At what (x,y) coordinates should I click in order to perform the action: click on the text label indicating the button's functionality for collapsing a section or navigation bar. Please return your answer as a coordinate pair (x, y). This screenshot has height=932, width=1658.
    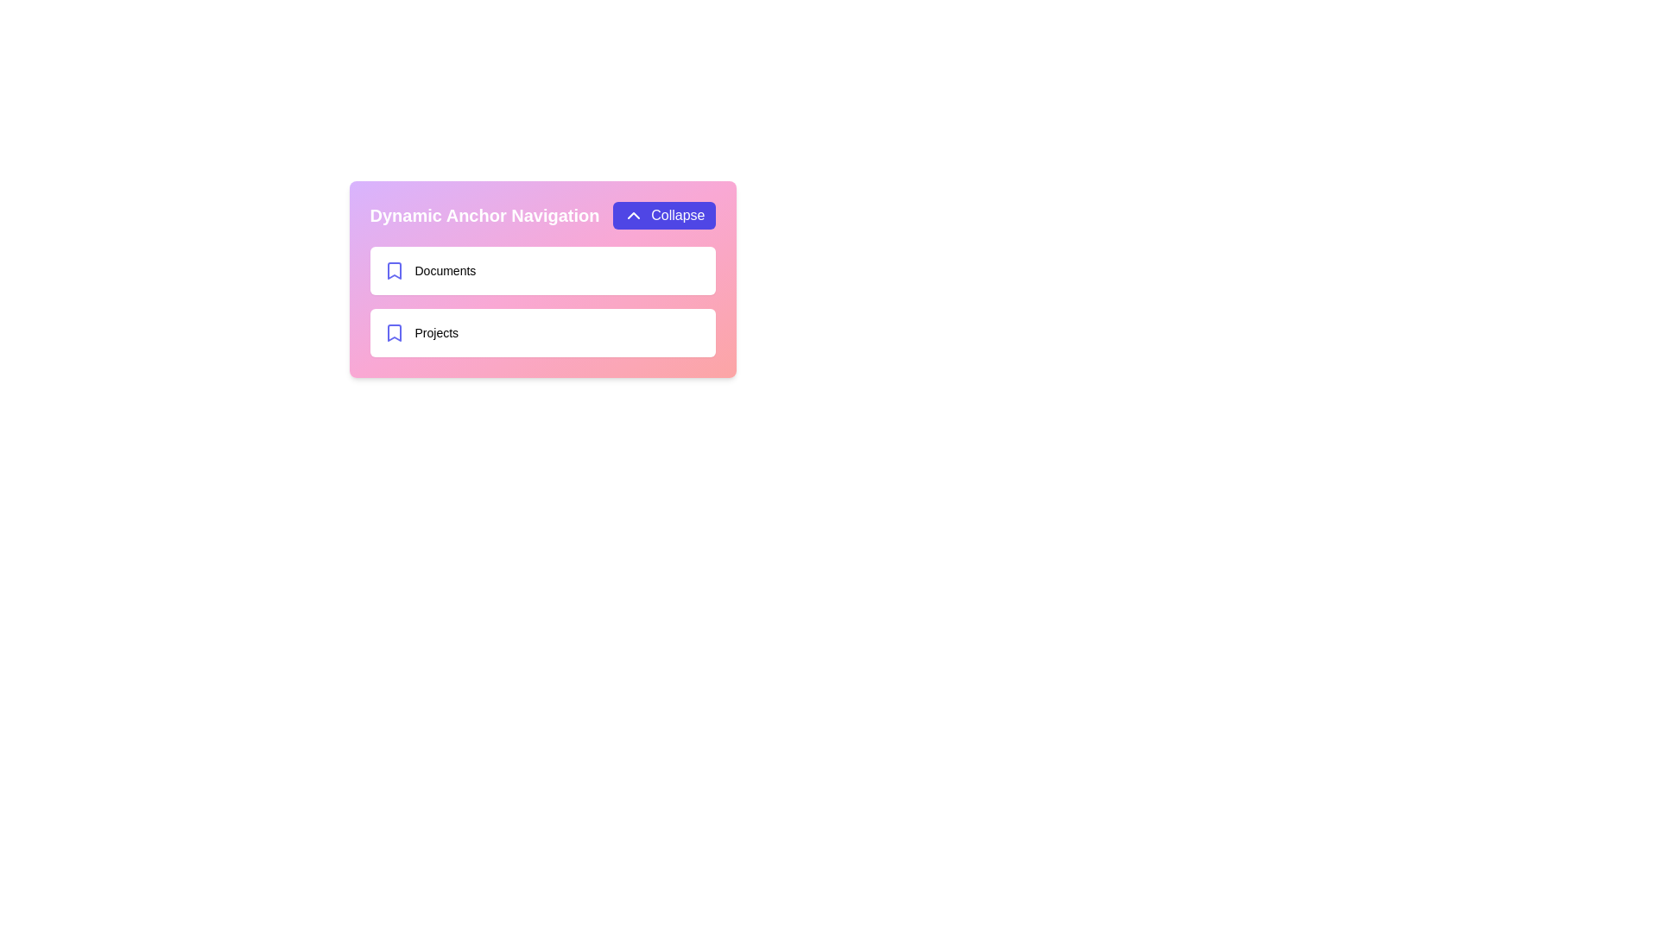
    Looking at the image, I should click on (677, 215).